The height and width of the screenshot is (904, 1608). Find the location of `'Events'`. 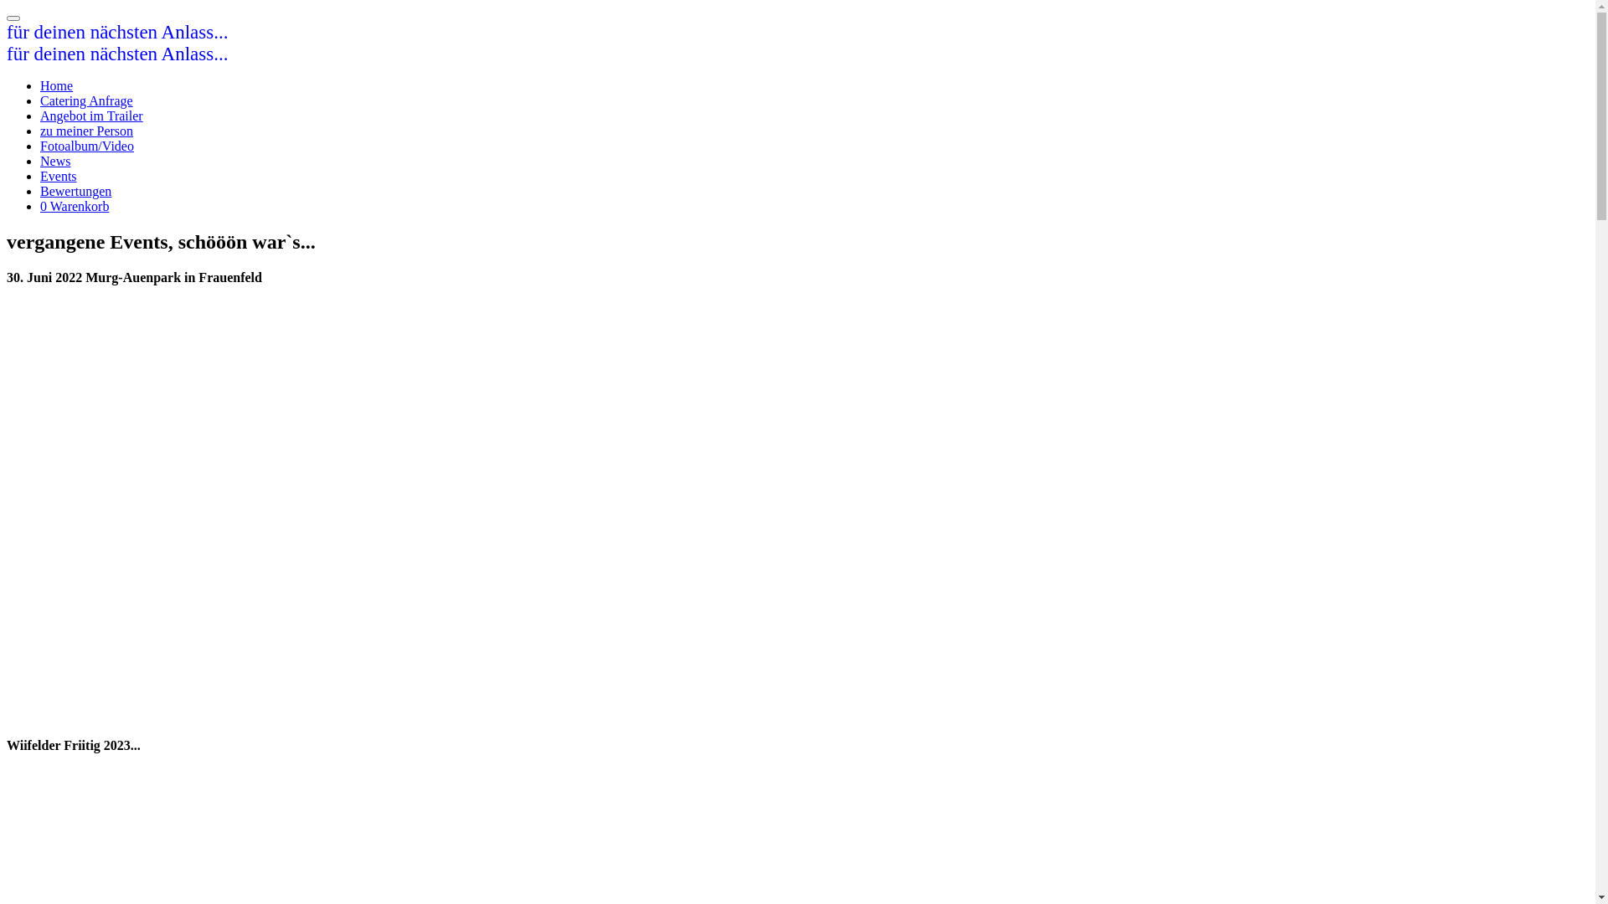

'Events' is located at coordinates (59, 176).